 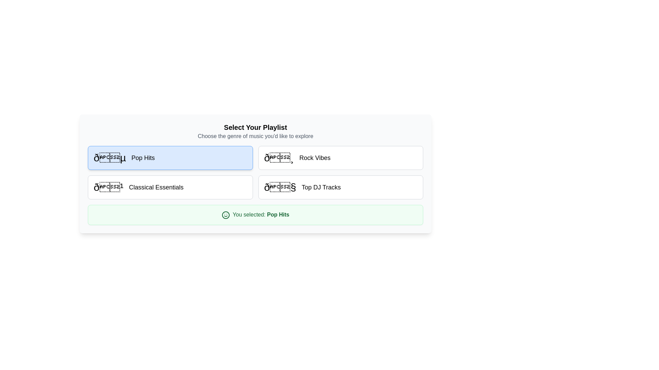 I want to click on the circular component associated with the 'Pop Hits' playlist option located in the middle of the first row of options, so click(x=226, y=214).